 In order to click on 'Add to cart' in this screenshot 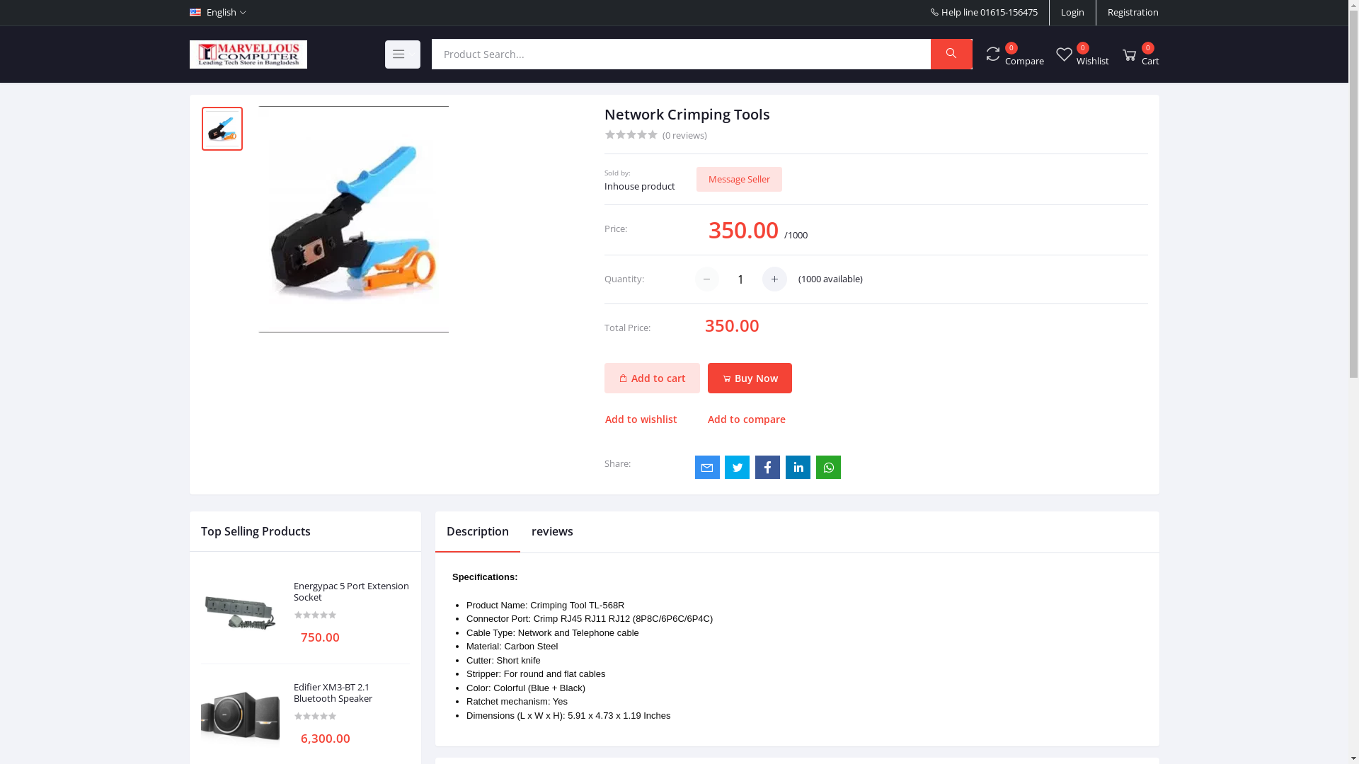, I will do `click(604, 376)`.